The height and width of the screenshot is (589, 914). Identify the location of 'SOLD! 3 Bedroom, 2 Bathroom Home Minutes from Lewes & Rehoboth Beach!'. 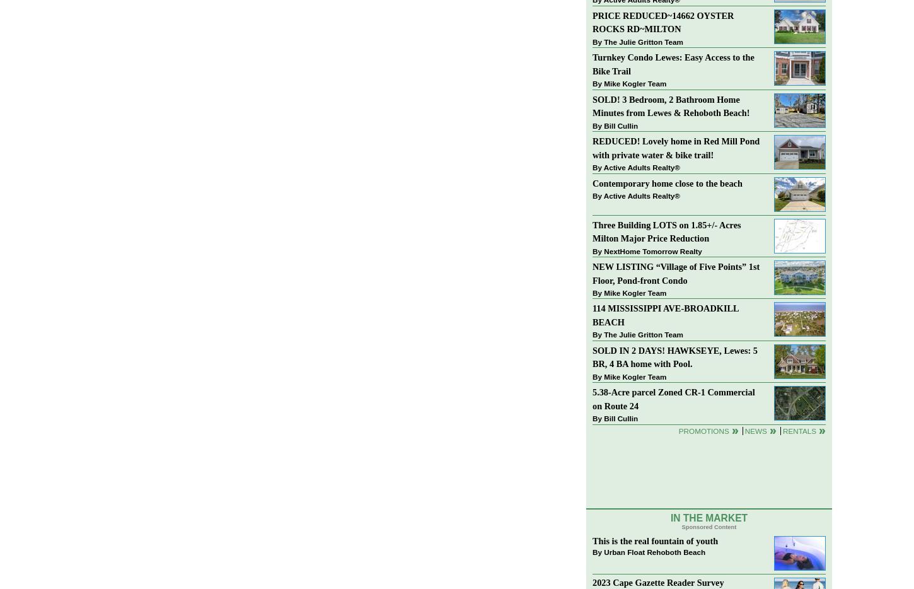
(671, 106).